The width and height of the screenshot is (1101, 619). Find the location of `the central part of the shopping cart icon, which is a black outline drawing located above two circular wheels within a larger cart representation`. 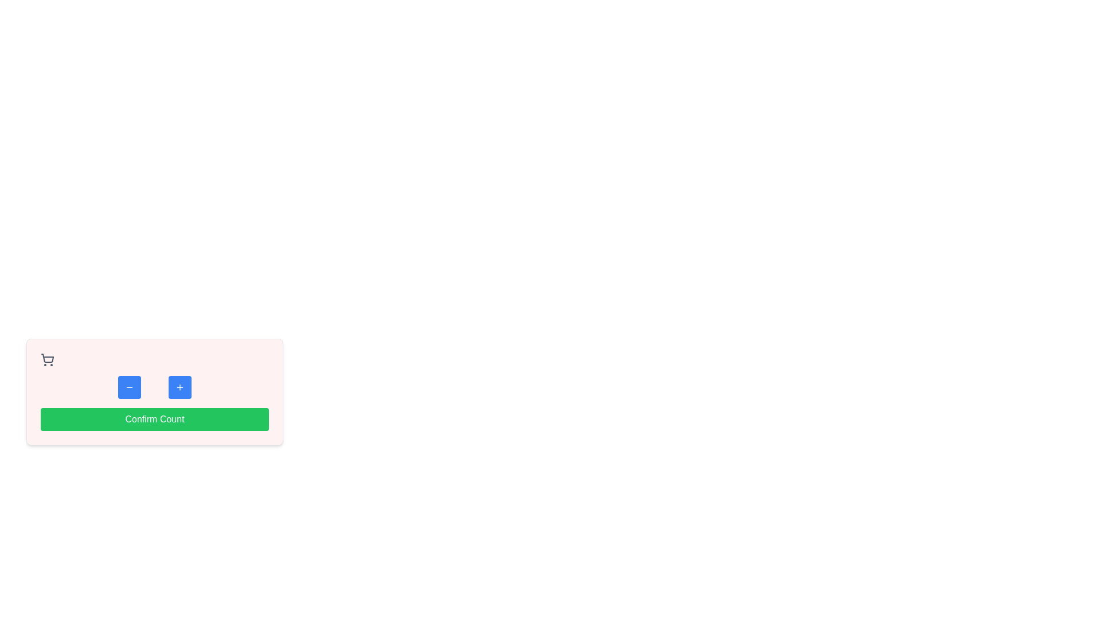

the central part of the shopping cart icon, which is a black outline drawing located above two circular wheels within a larger cart representation is located at coordinates (47, 357).